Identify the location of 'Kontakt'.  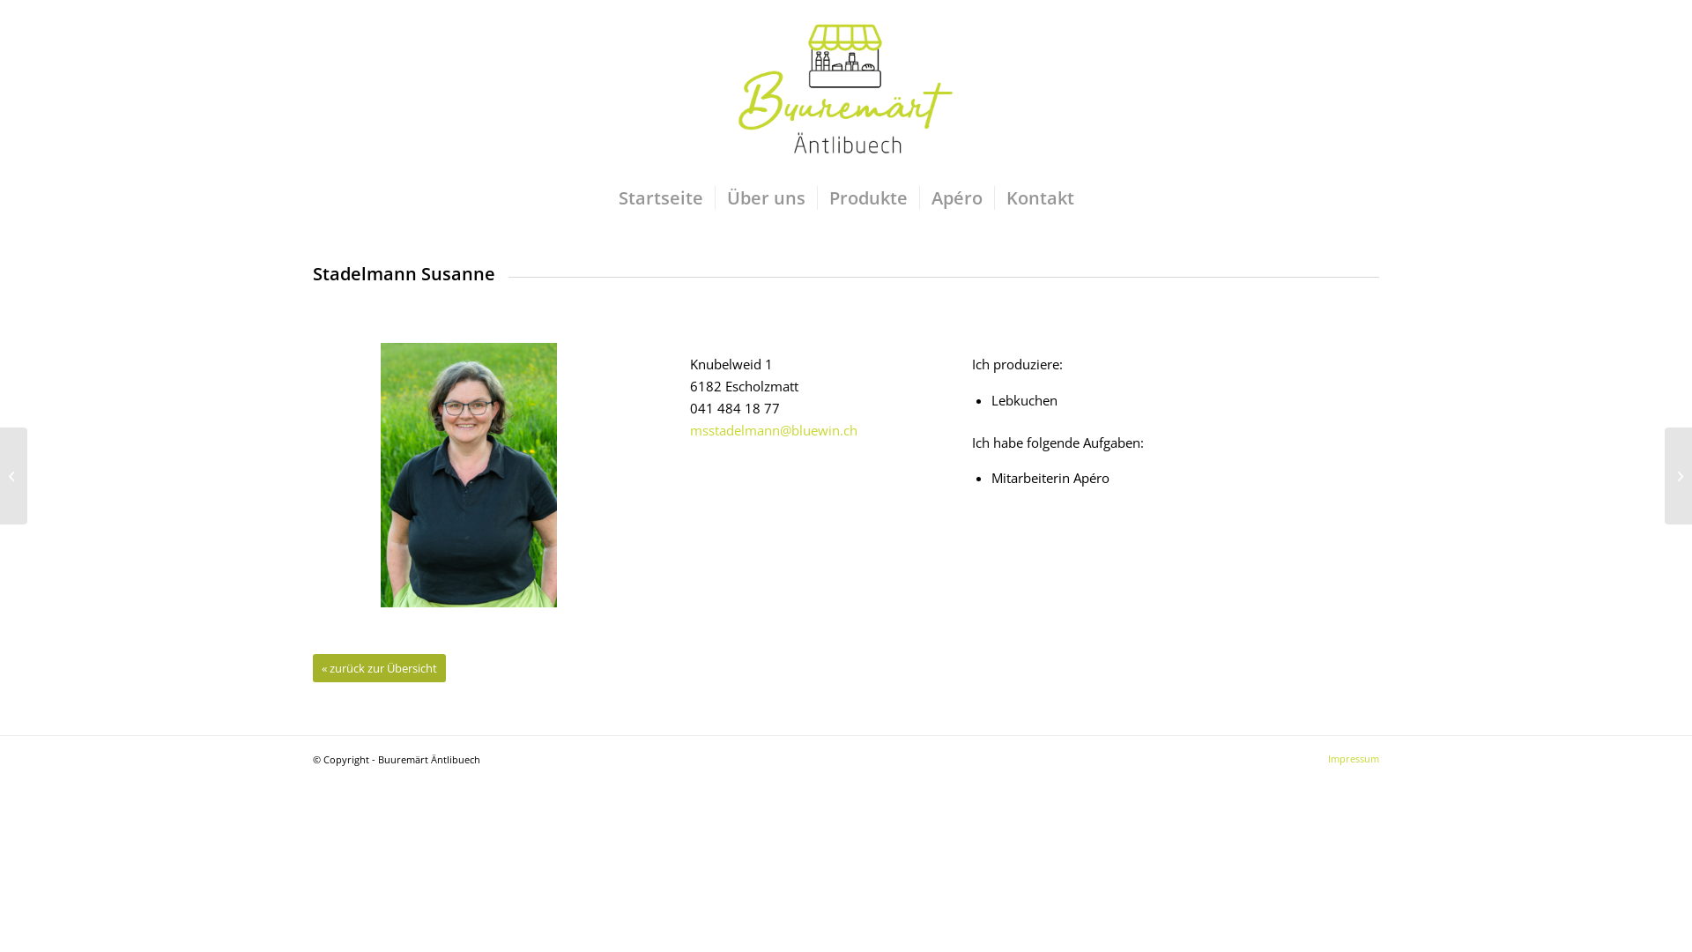
(1040, 197).